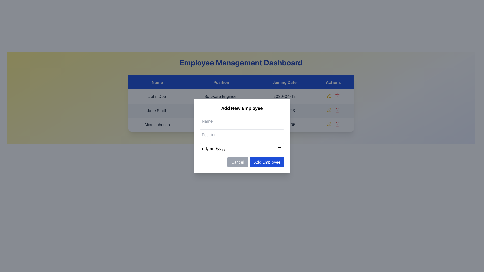 The width and height of the screenshot is (484, 272). Describe the element at coordinates (157, 124) in the screenshot. I see `the text label displaying 'Alice Johnson', which is located in the first cell of the employee data table under the 'Name' column header` at that location.